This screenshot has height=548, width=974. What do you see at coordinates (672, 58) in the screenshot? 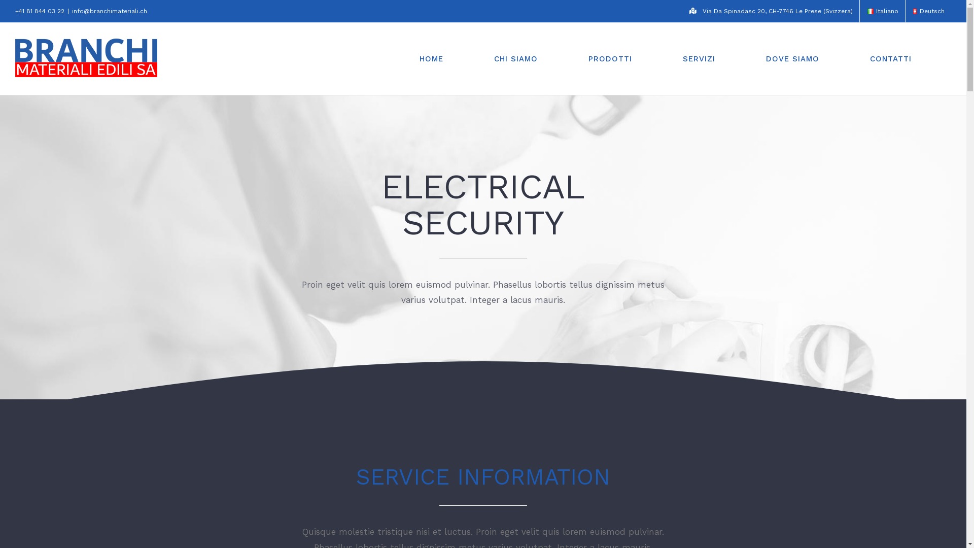
I see `'SERVIZI'` at bounding box center [672, 58].